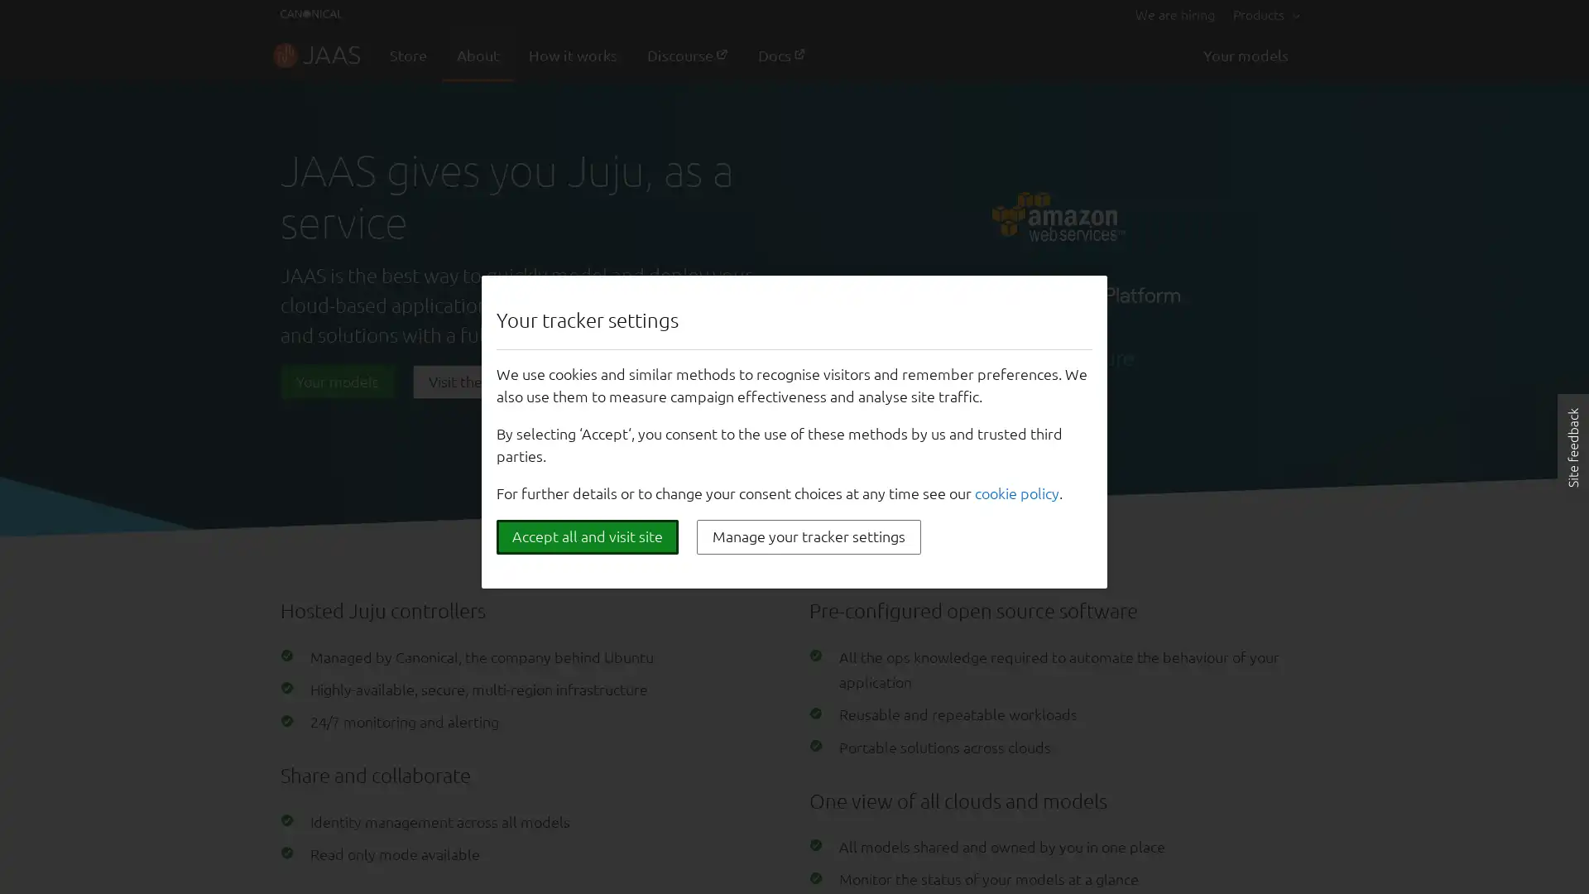  I want to click on Accept all and visit site, so click(588, 536).